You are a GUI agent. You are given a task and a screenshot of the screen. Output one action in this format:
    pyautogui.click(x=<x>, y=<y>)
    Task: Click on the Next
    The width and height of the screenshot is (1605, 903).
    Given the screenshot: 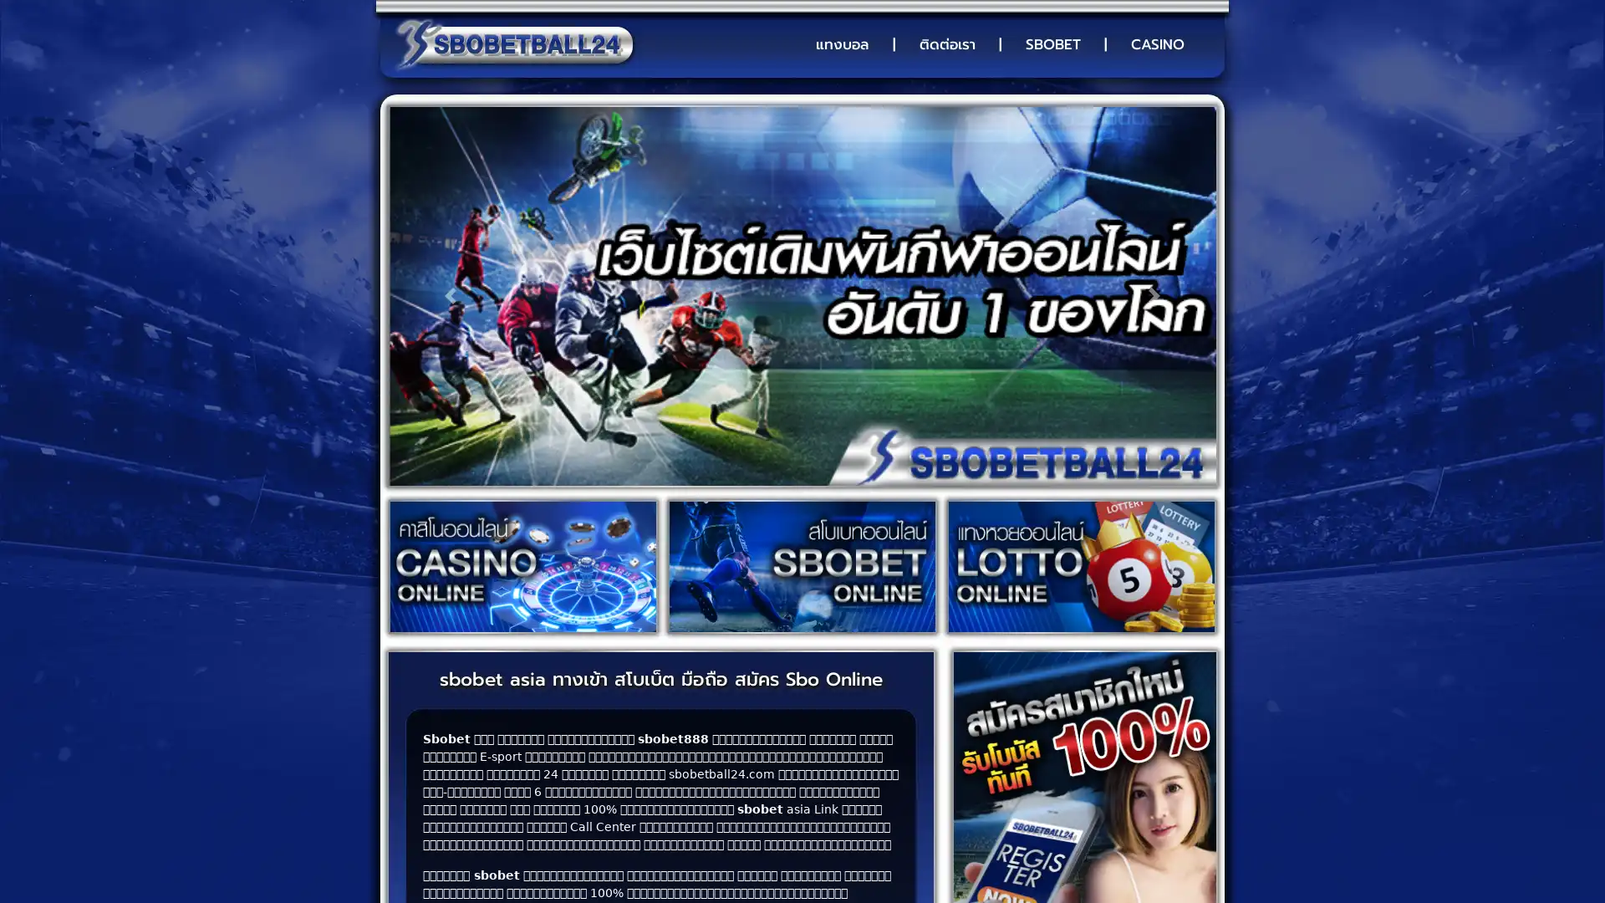 What is the action you would take?
    pyautogui.click(x=1153, y=295)
    